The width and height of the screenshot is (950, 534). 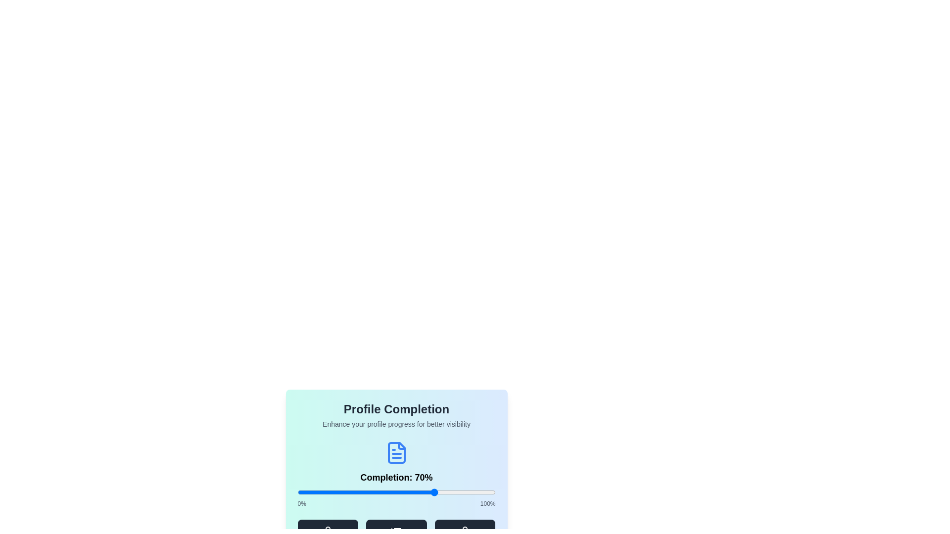 What do you see at coordinates (396, 492) in the screenshot?
I see `the thumb of the horizontal range slider located below the text 'Completion: 70%'` at bounding box center [396, 492].